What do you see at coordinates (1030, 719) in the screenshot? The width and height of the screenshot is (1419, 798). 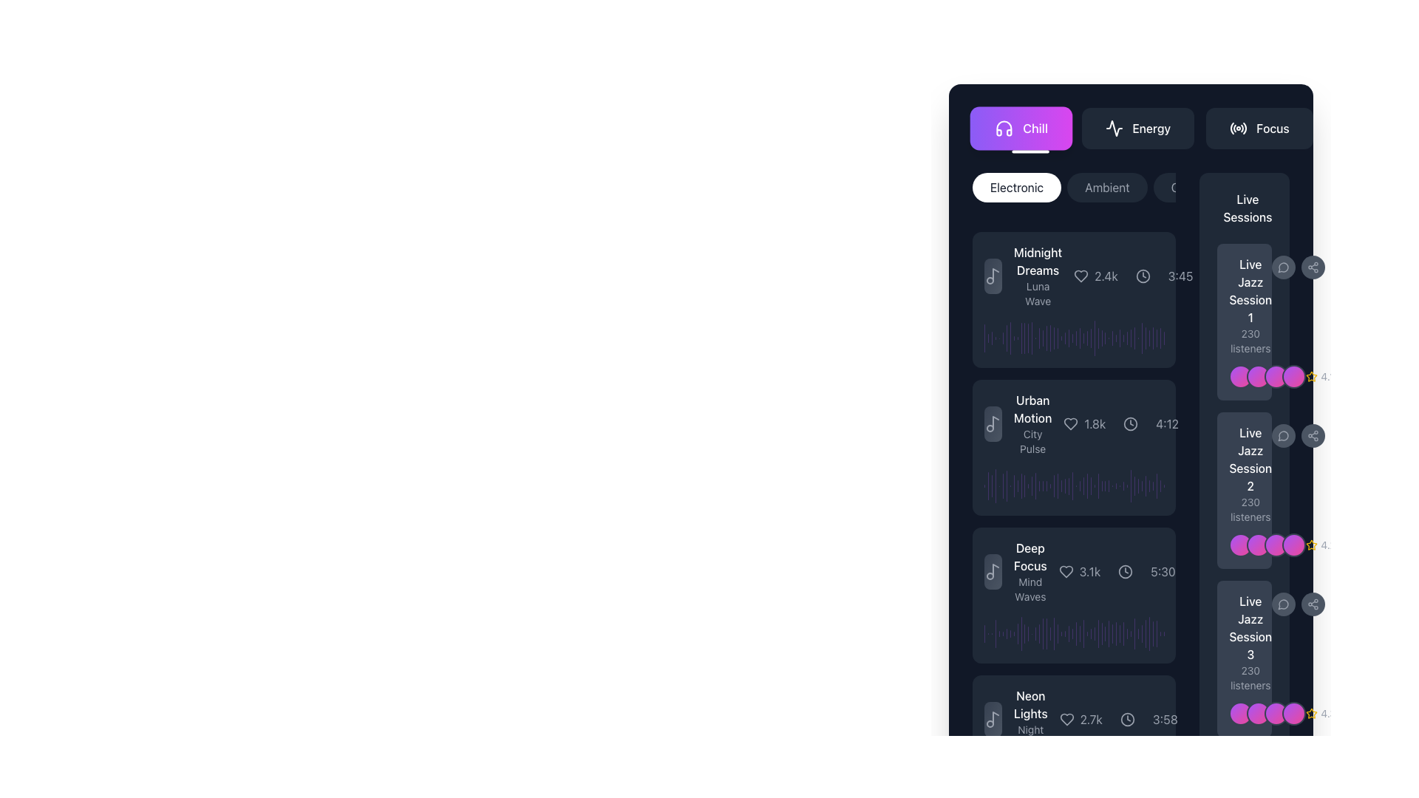 I see `text of the Label displaying 'Neon Lights' in bold white font followed by 'Night Drift' in smaller gray font, located near the bottom of the right vertical list panel` at bounding box center [1030, 719].